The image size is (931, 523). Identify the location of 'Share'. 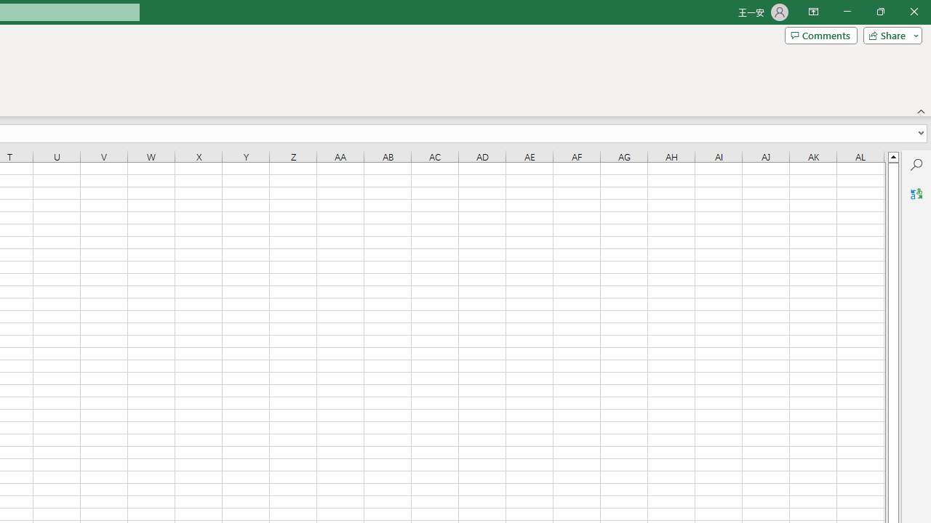
(889, 34).